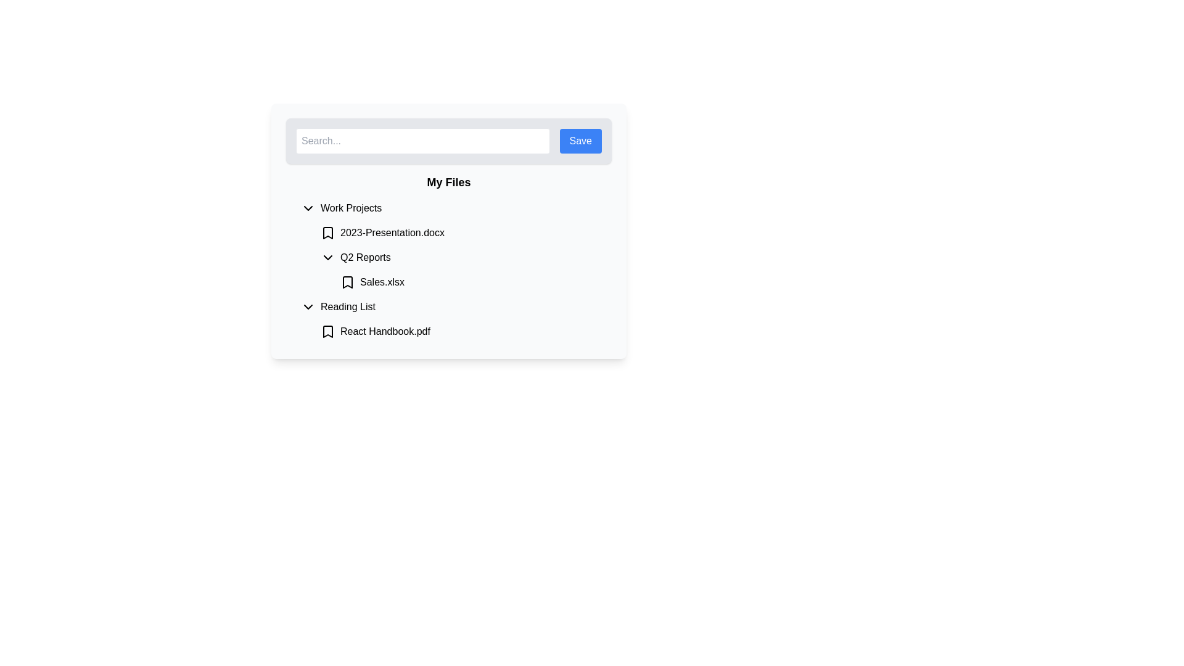 The height and width of the screenshot is (666, 1184). I want to click on the 'Q2 Reports' entry in the Work Projects section, so click(458, 257).